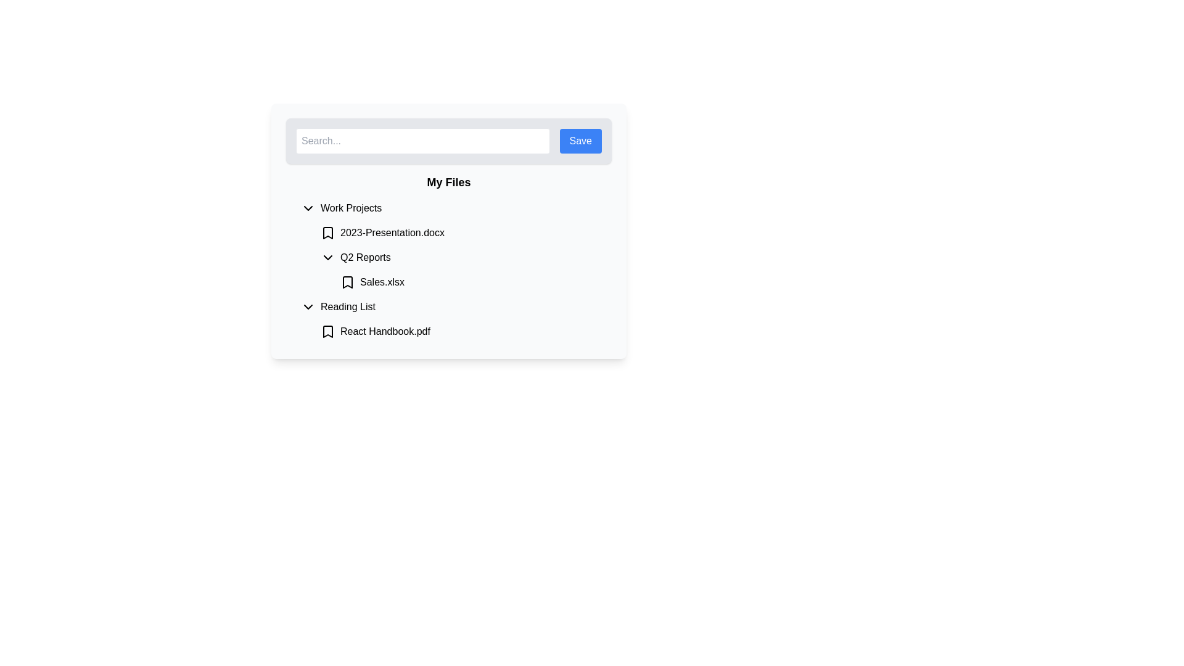 The height and width of the screenshot is (666, 1184). I want to click on the 'Q2 Reports' entry in the Work Projects section, so click(458, 257).